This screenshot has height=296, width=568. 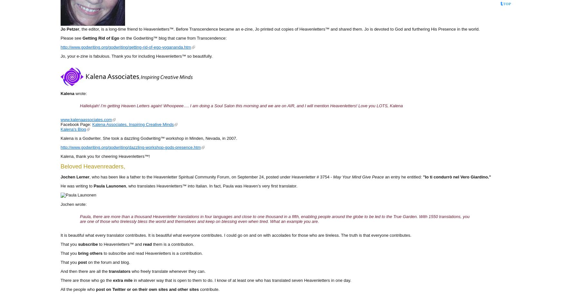 I want to click on 'Kalena, thank you for cheering Heavenletters™!', so click(x=105, y=156).